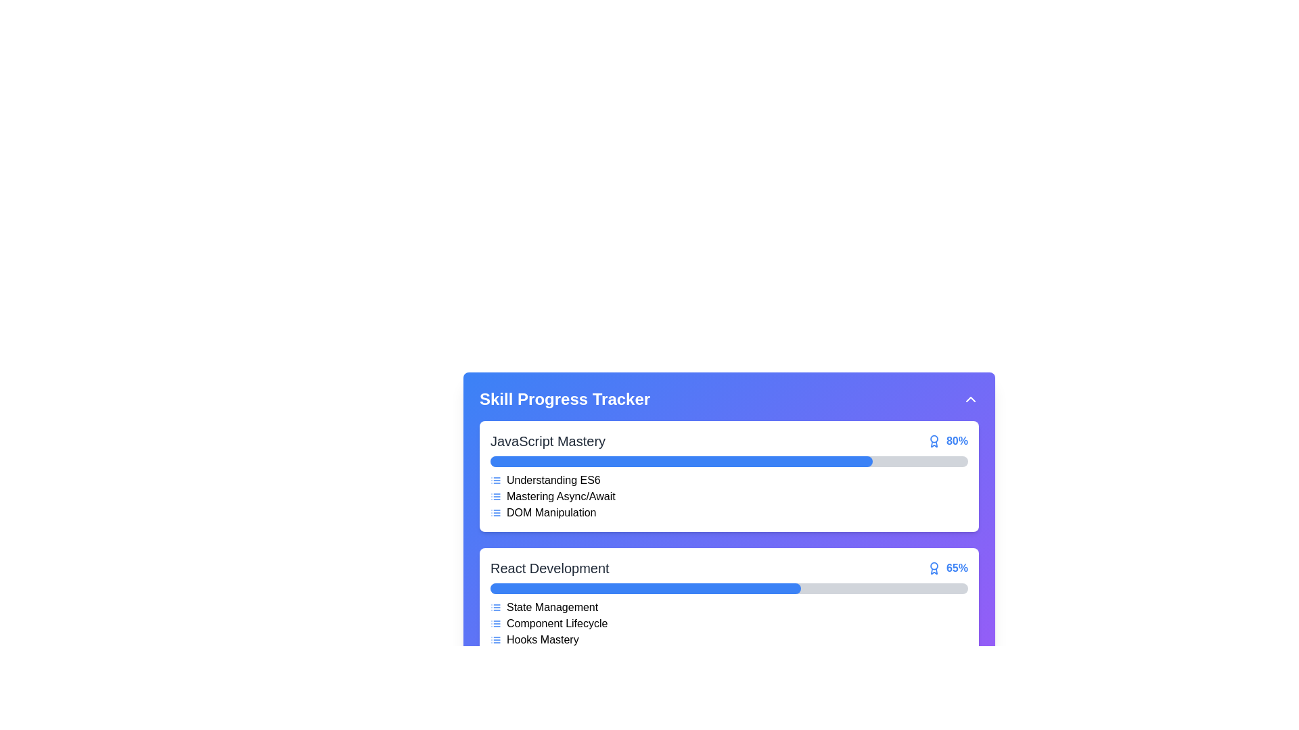  What do you see at coordinates (495, 639) in the screenshot?
I see `the leftmost icon in the 'Hooks Mastery' section, which visually represents a list or hierarchy for the React Development skill group in the Skill Progress Tracker interface` at bounding box center [495, 639].